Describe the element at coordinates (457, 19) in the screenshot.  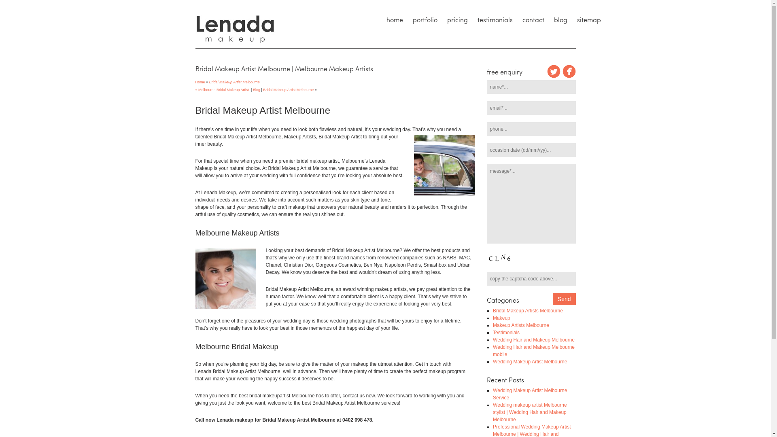
I see `'pricing'` at that location.